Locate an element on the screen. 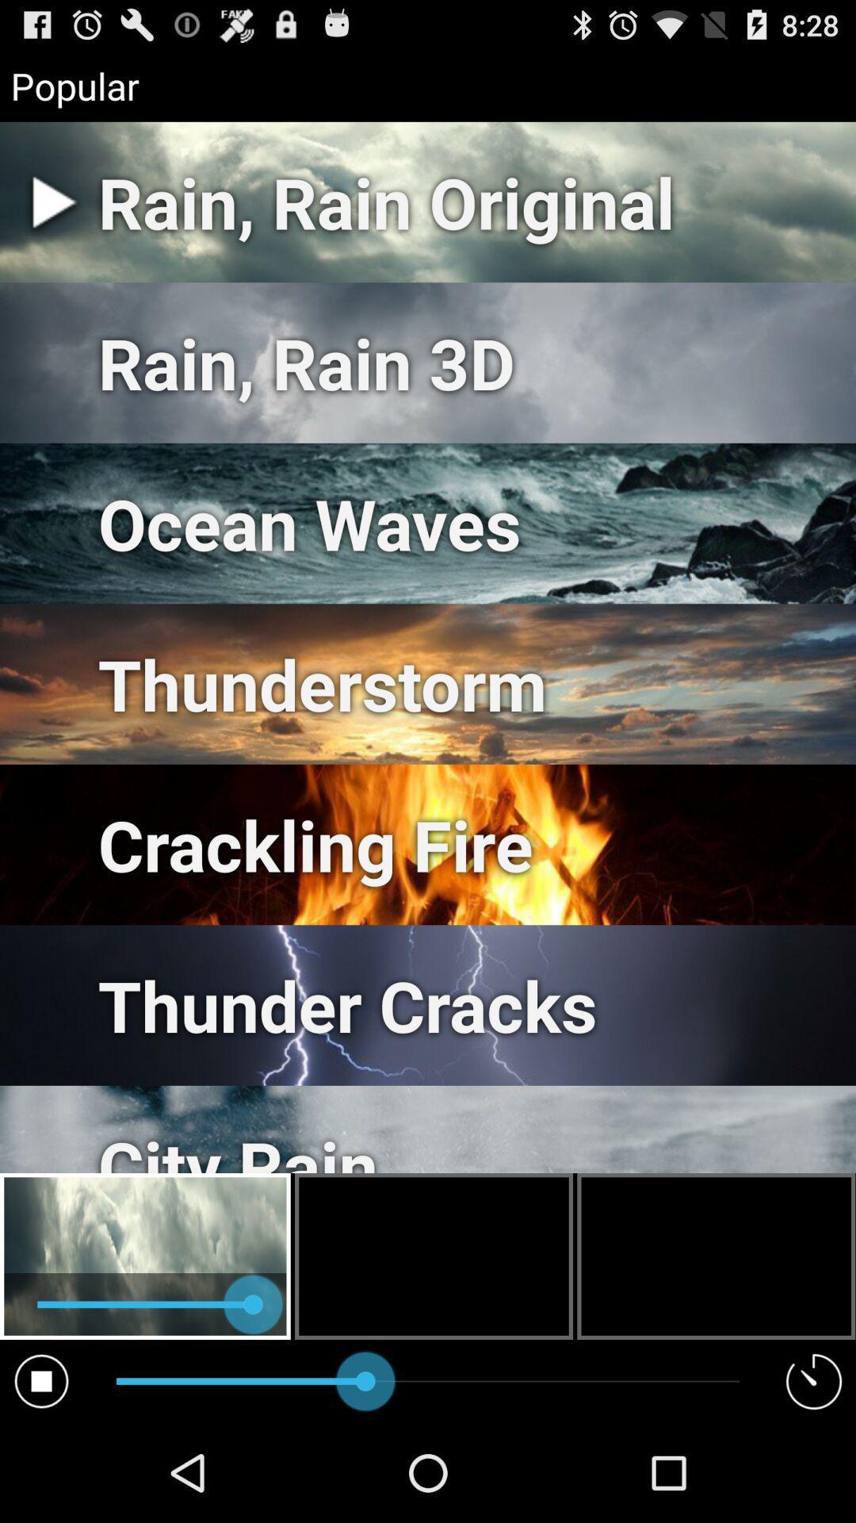  the time icon is located at coordinates (814, 1477).